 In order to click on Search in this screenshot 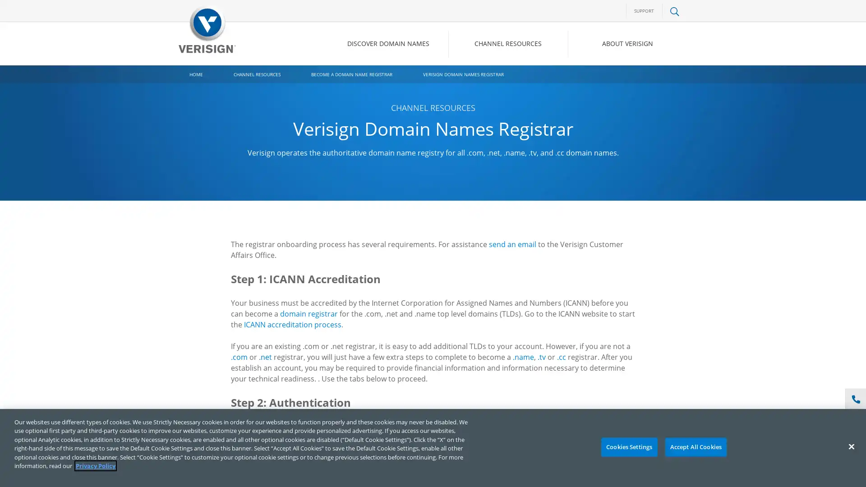, I will do `click(602, 82)`.